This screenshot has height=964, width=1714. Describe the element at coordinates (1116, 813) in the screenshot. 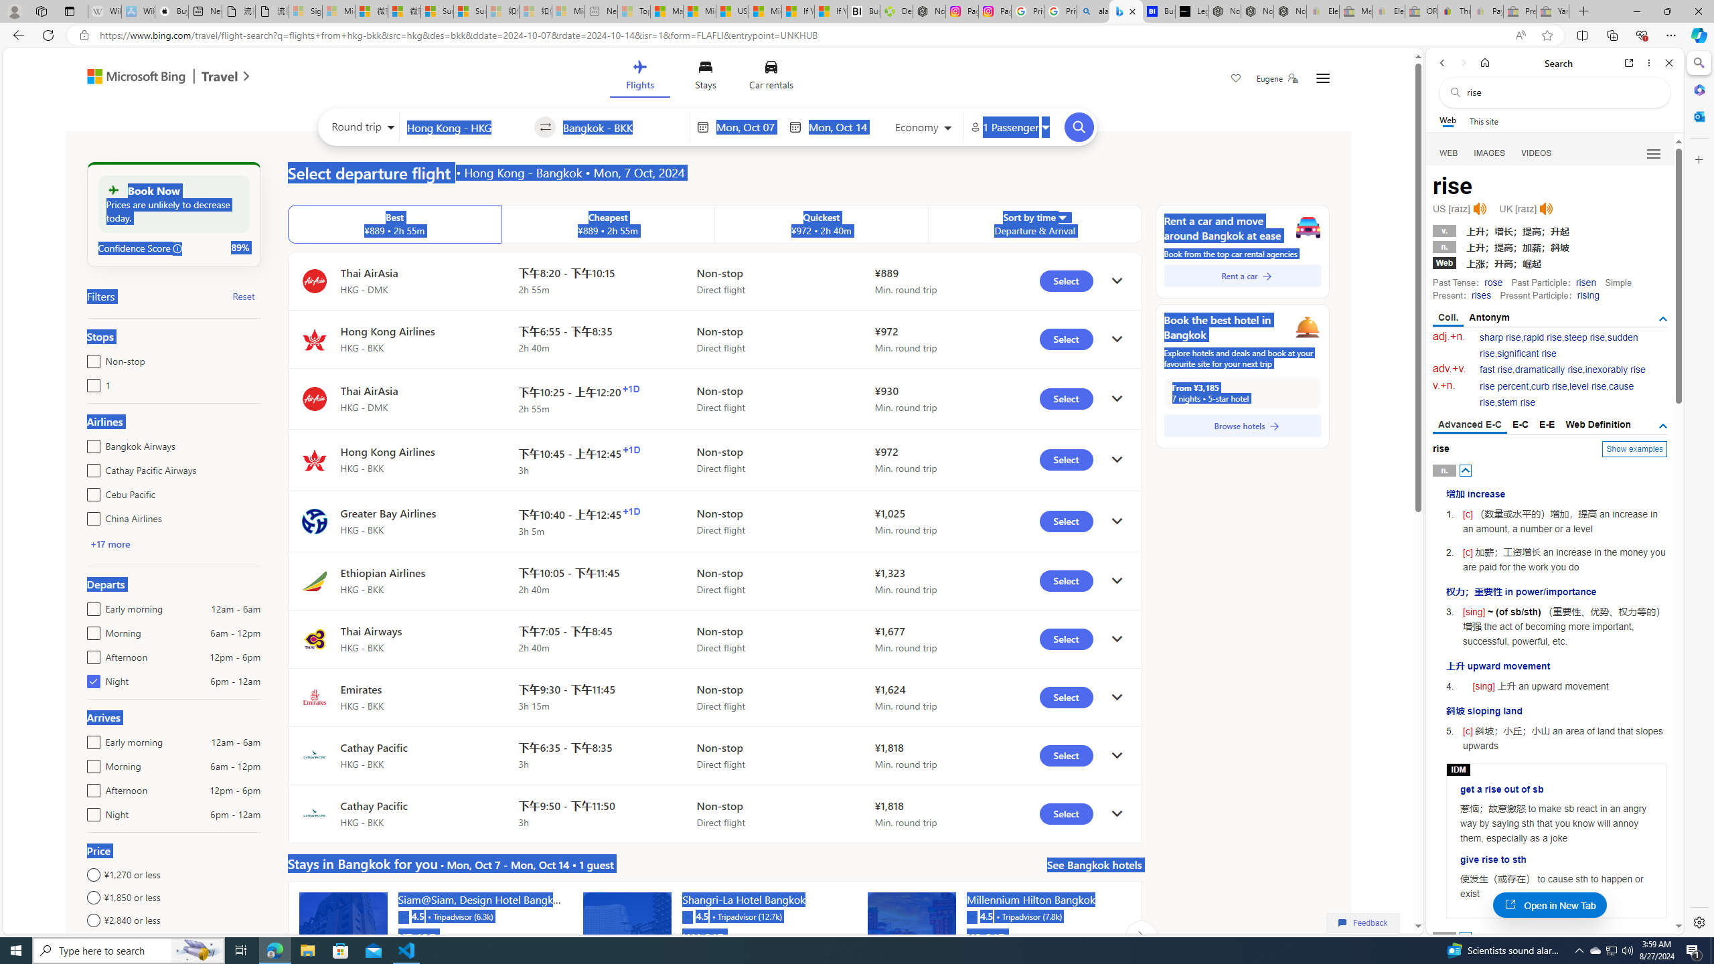

I see `'click to get details'` at that location.